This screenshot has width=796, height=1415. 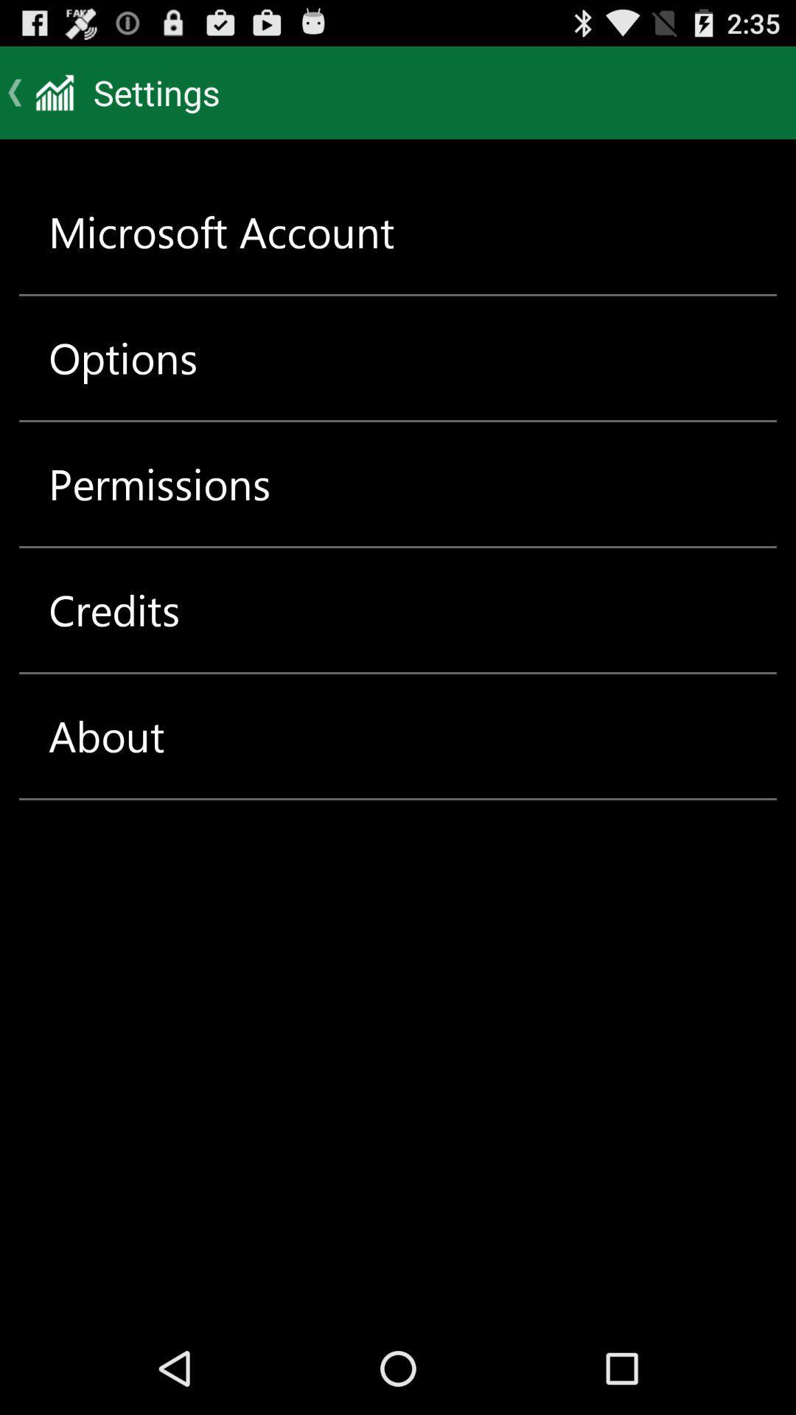 I want to click on item above the about icon, so click(x=114, y=610).